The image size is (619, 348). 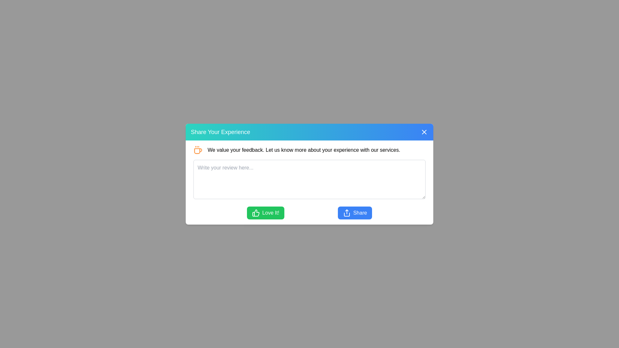 I want to click on the 'Love It!' button which features a thumbs-up SVG icon, so click(x=255, y=213).